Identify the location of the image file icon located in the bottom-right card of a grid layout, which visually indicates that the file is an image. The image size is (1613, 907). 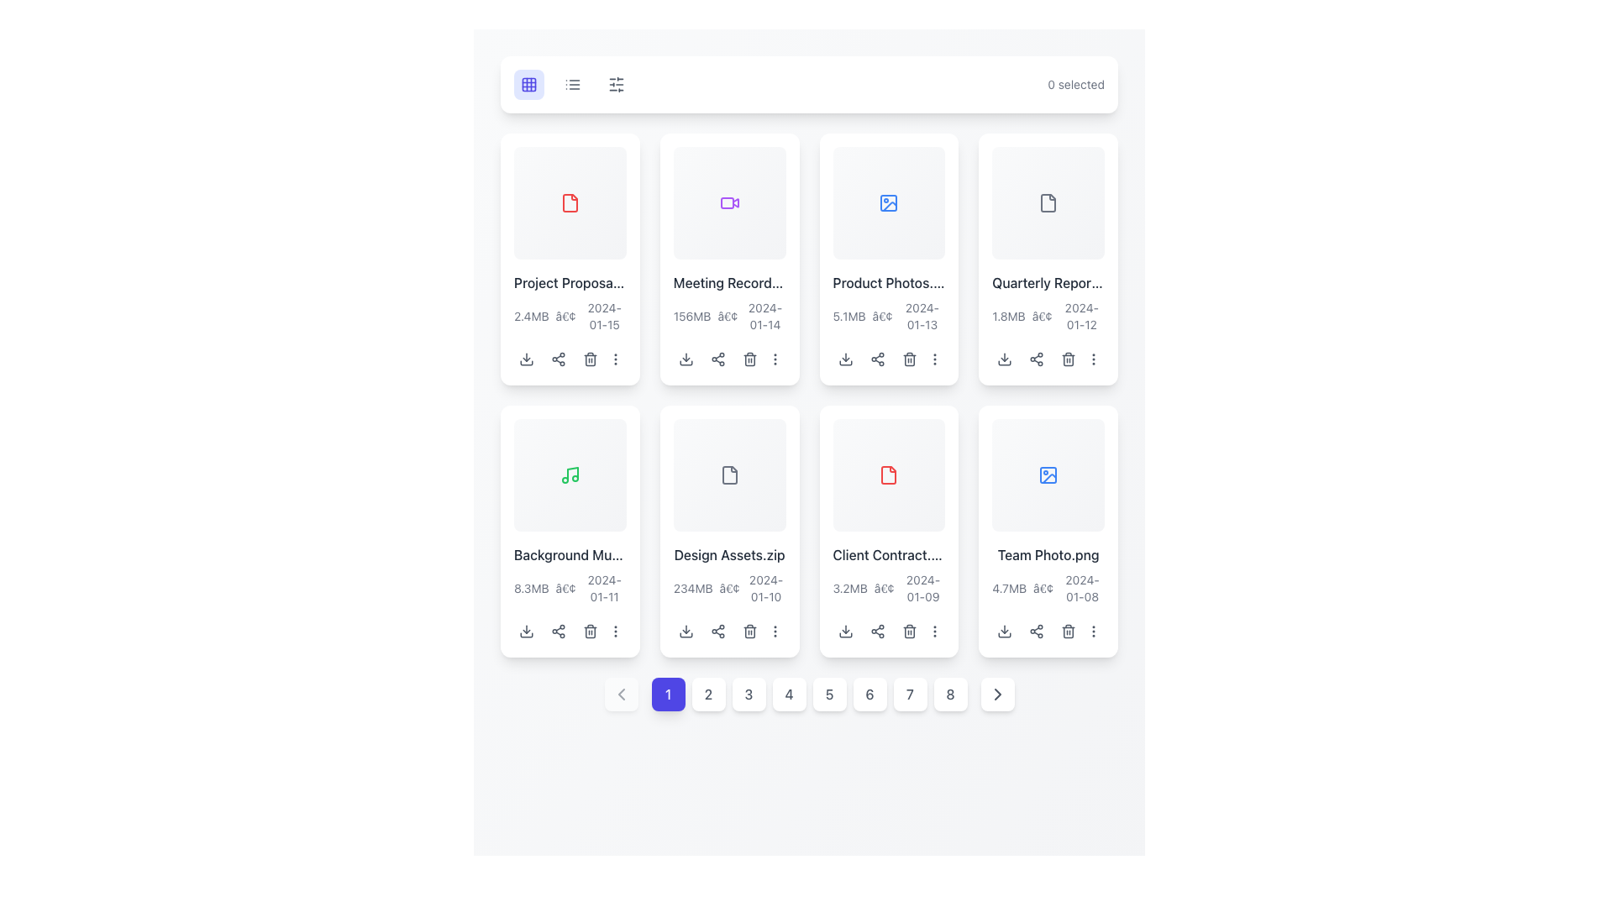
(1048, 474).